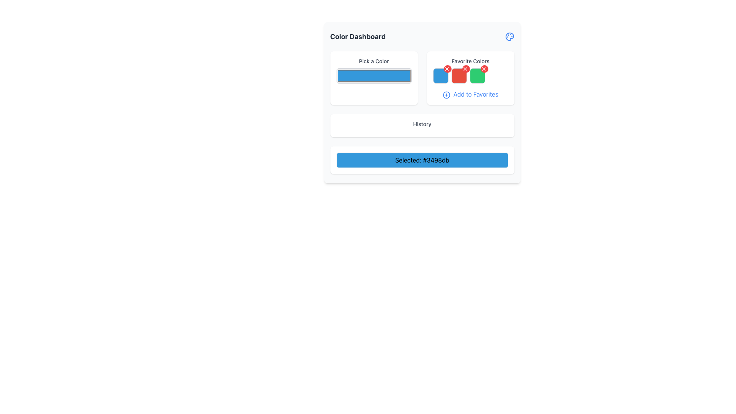 The width and height of the screenshot is (736, 414). I want to click on the heading text element labeled 'Color Dashboard', which is positioned in the top-left corner of a card layout, adjacent to a color palette icon, so click(357, 37).